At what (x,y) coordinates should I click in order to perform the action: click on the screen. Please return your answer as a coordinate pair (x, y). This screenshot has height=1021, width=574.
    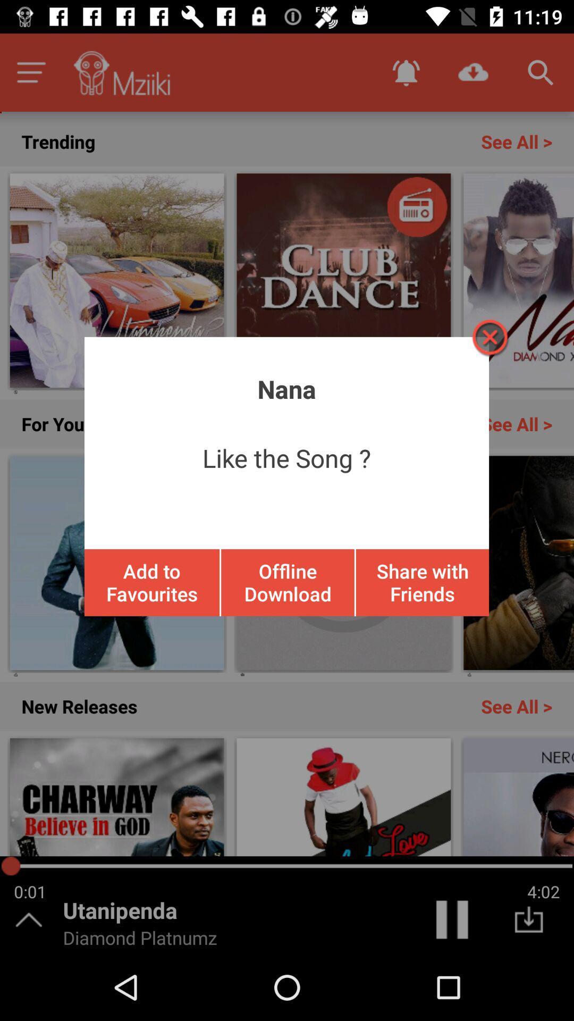
    Looking at the image, I should click on (489, 337).